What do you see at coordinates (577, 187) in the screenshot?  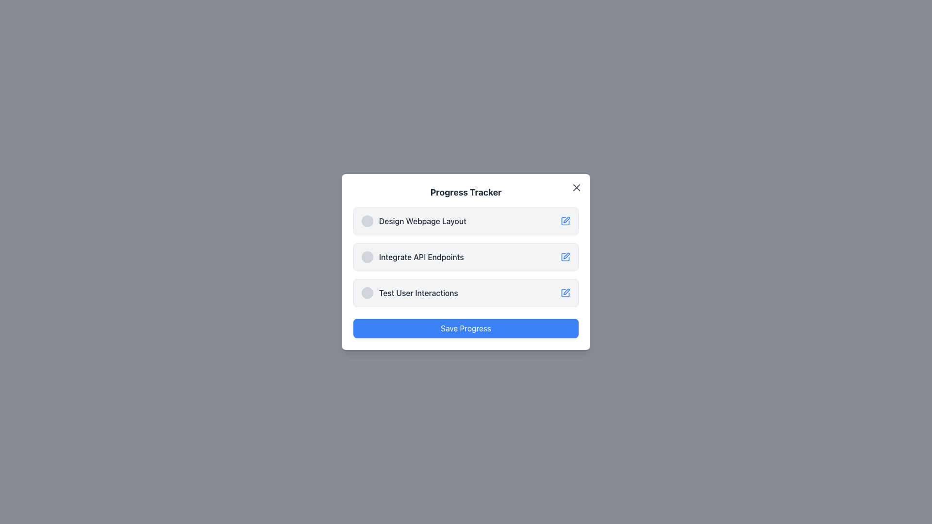 I see `the small square button with an 'X' icon in the top-right corner of the modal dialog` at bounding box center [577, 187].